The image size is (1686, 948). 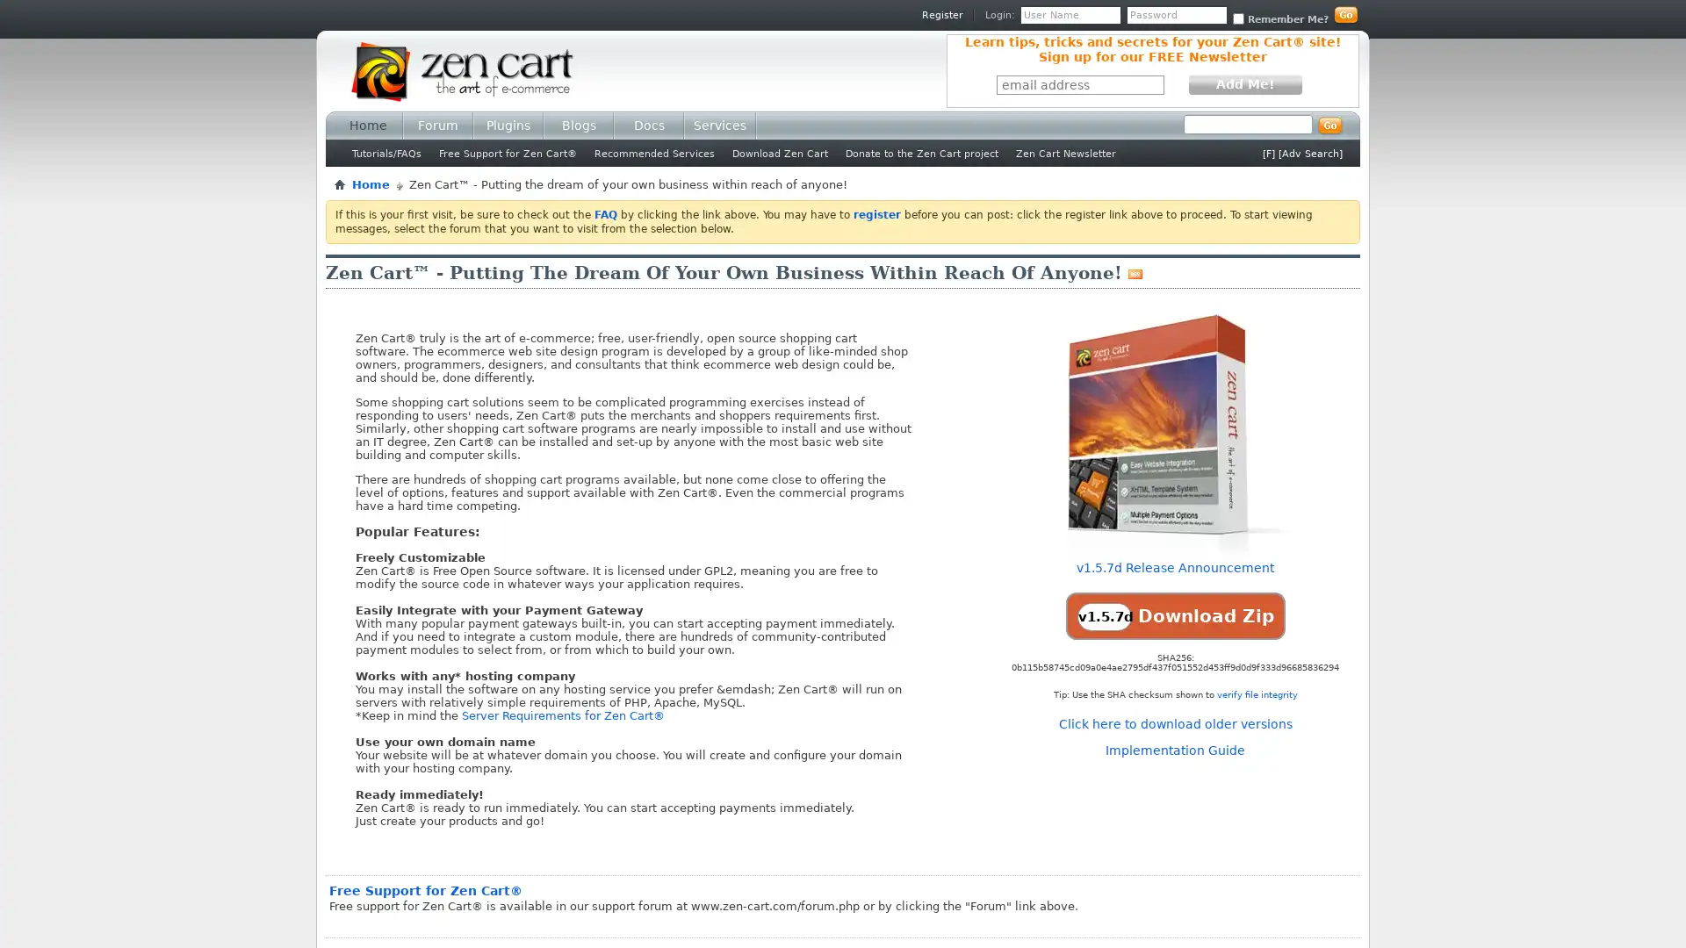 I want to click on Submit, so click(x=1330, y=125).